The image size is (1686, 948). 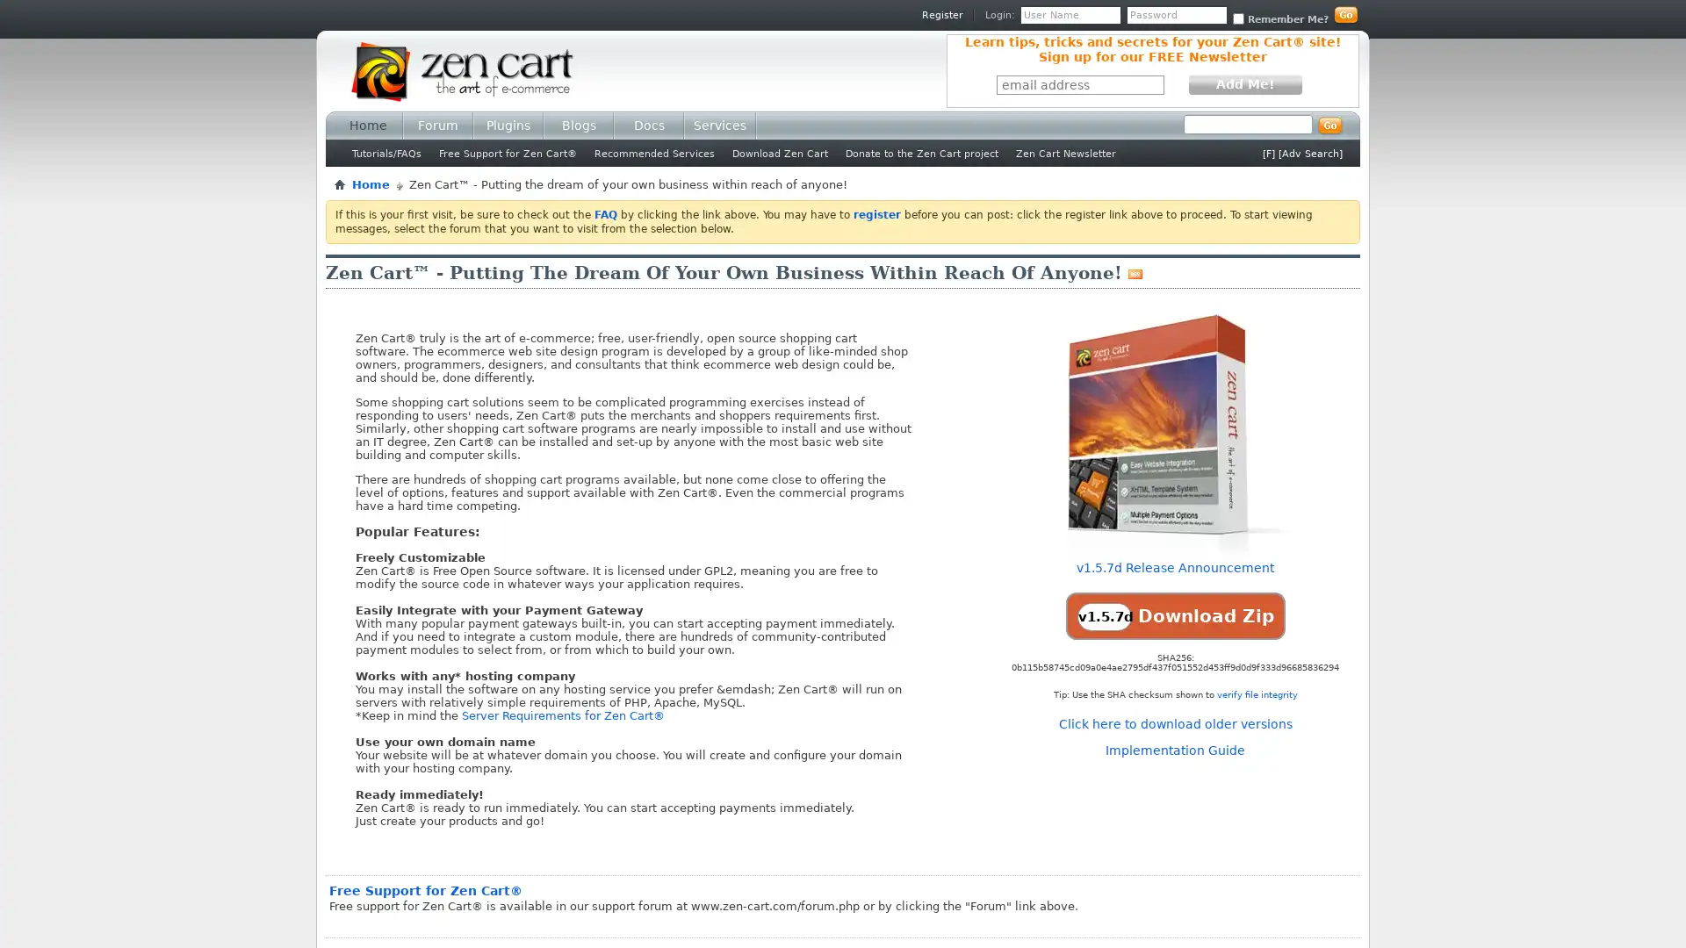 I want to click on Submit, so click(x=1330, y=125).